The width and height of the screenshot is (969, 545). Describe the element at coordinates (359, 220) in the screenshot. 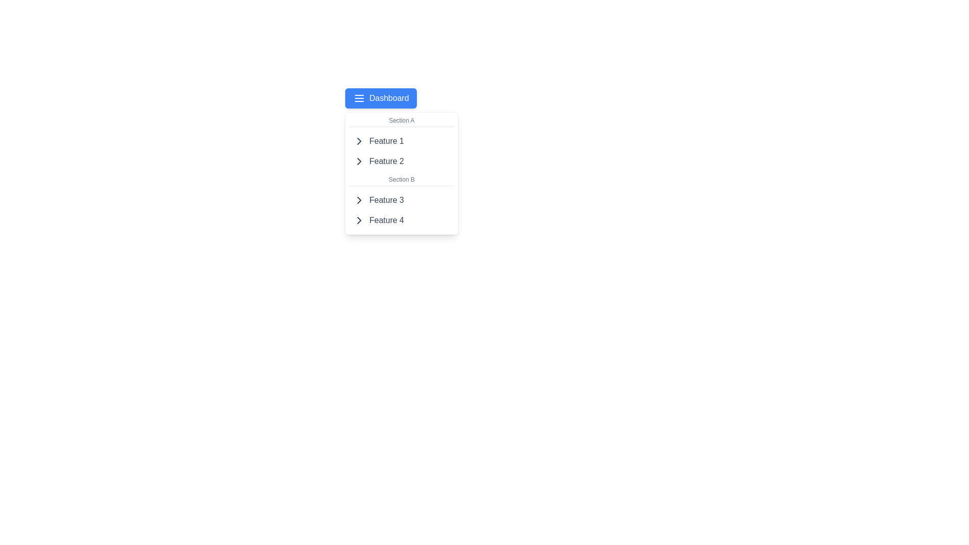

I see `the right-facing chevron SVG graphic located` at that location.